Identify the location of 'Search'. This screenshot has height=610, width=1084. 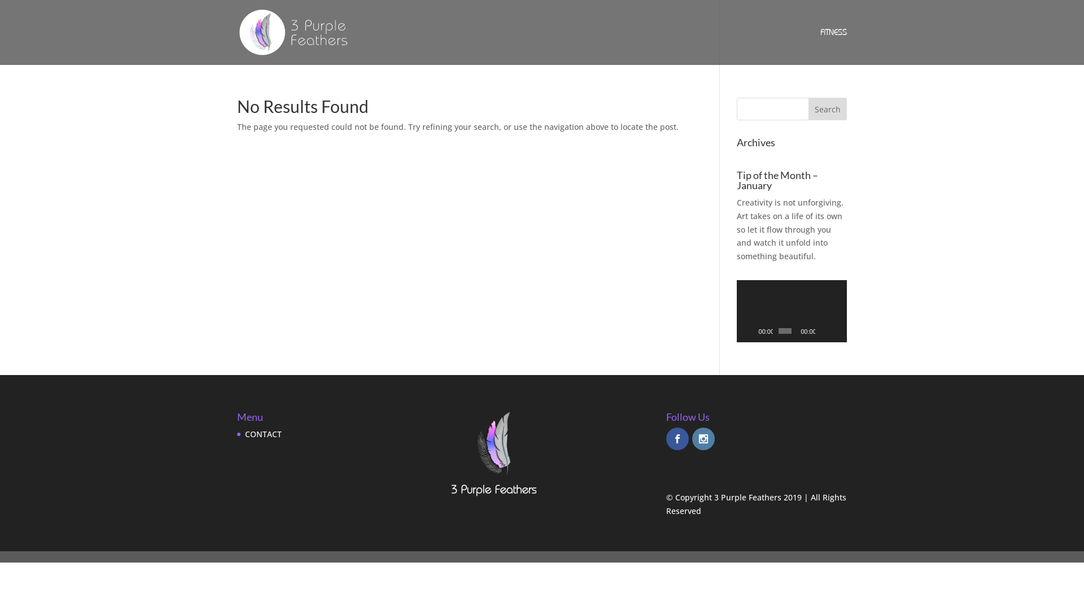
(807, 108).